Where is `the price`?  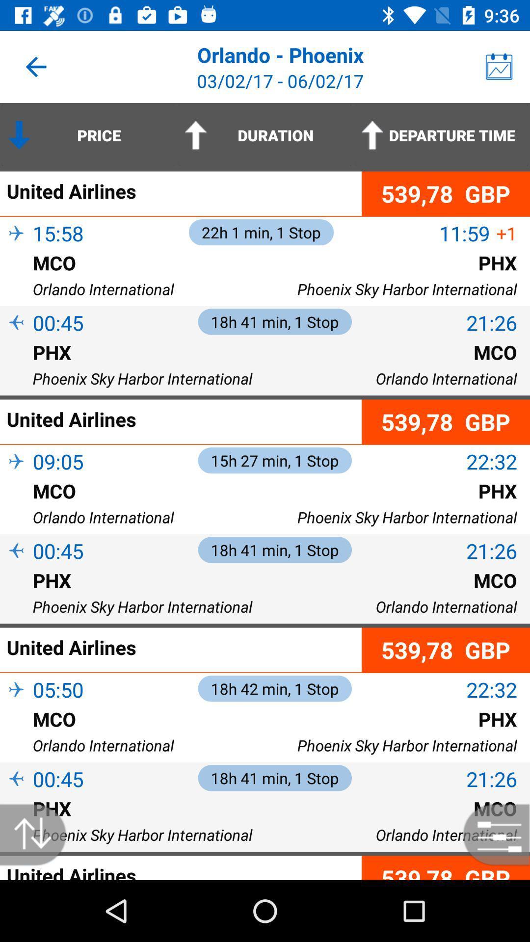 the price is located at coordinates (88, 134).